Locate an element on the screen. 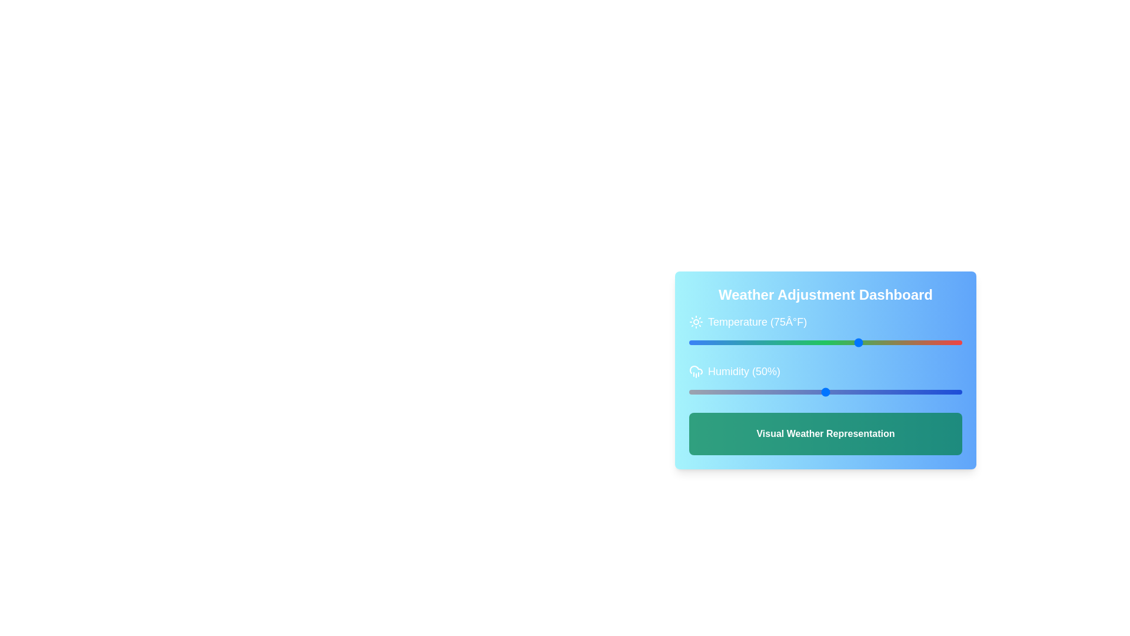 The width and height of the screenshot is (1130, 636). the humidity slider to 84% is located at coordinates (918, 392).